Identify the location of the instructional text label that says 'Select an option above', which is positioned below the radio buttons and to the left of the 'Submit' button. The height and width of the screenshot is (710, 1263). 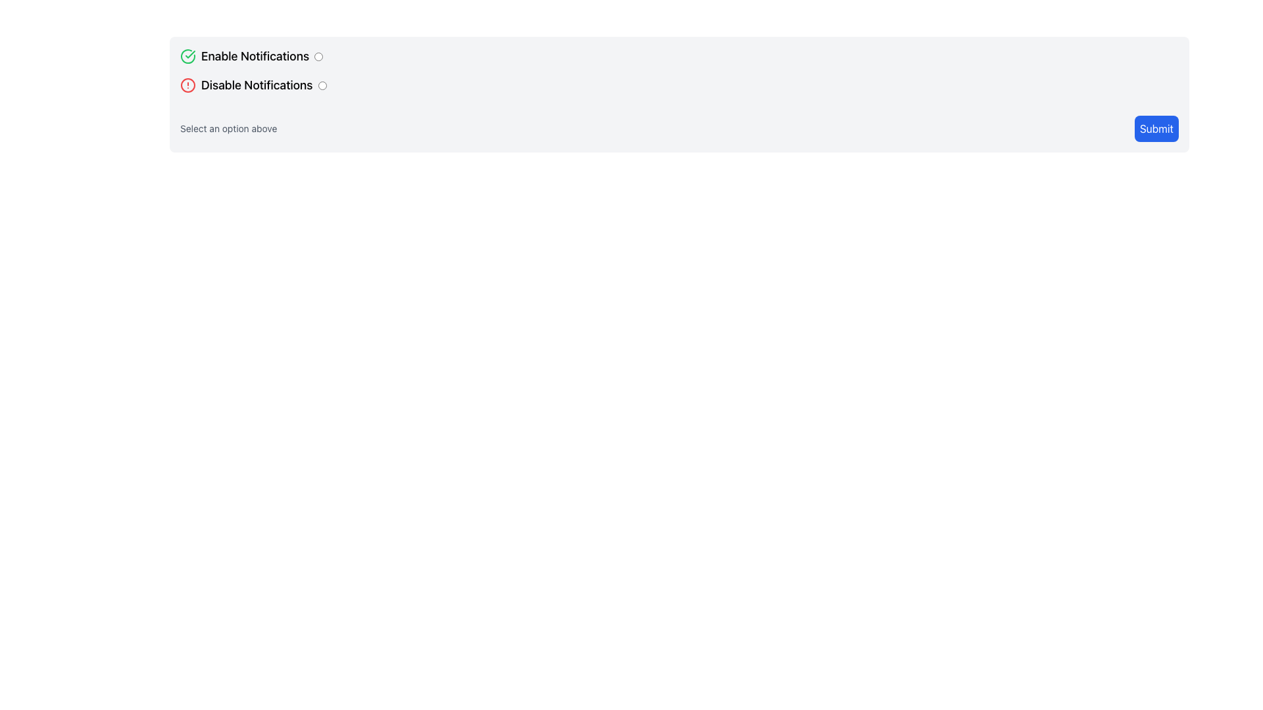
(228, 129).